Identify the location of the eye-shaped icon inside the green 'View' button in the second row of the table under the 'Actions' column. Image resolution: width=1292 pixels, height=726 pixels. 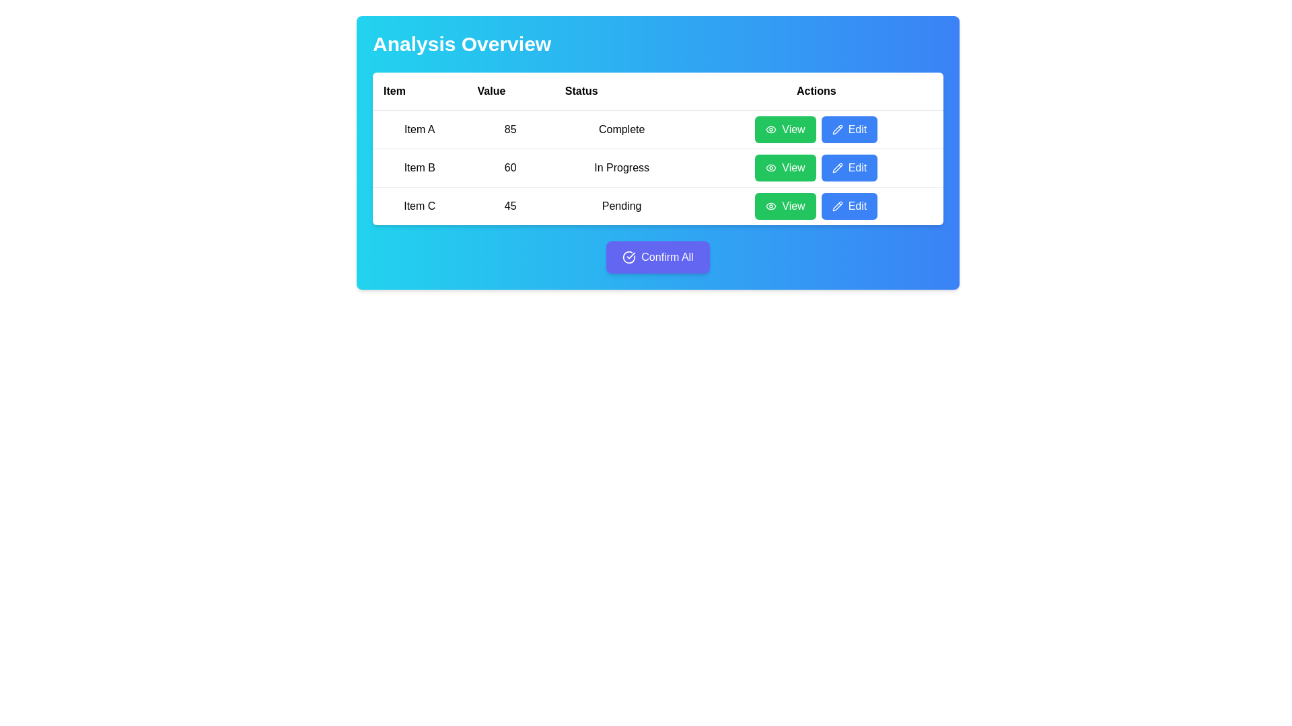
(771, 167).